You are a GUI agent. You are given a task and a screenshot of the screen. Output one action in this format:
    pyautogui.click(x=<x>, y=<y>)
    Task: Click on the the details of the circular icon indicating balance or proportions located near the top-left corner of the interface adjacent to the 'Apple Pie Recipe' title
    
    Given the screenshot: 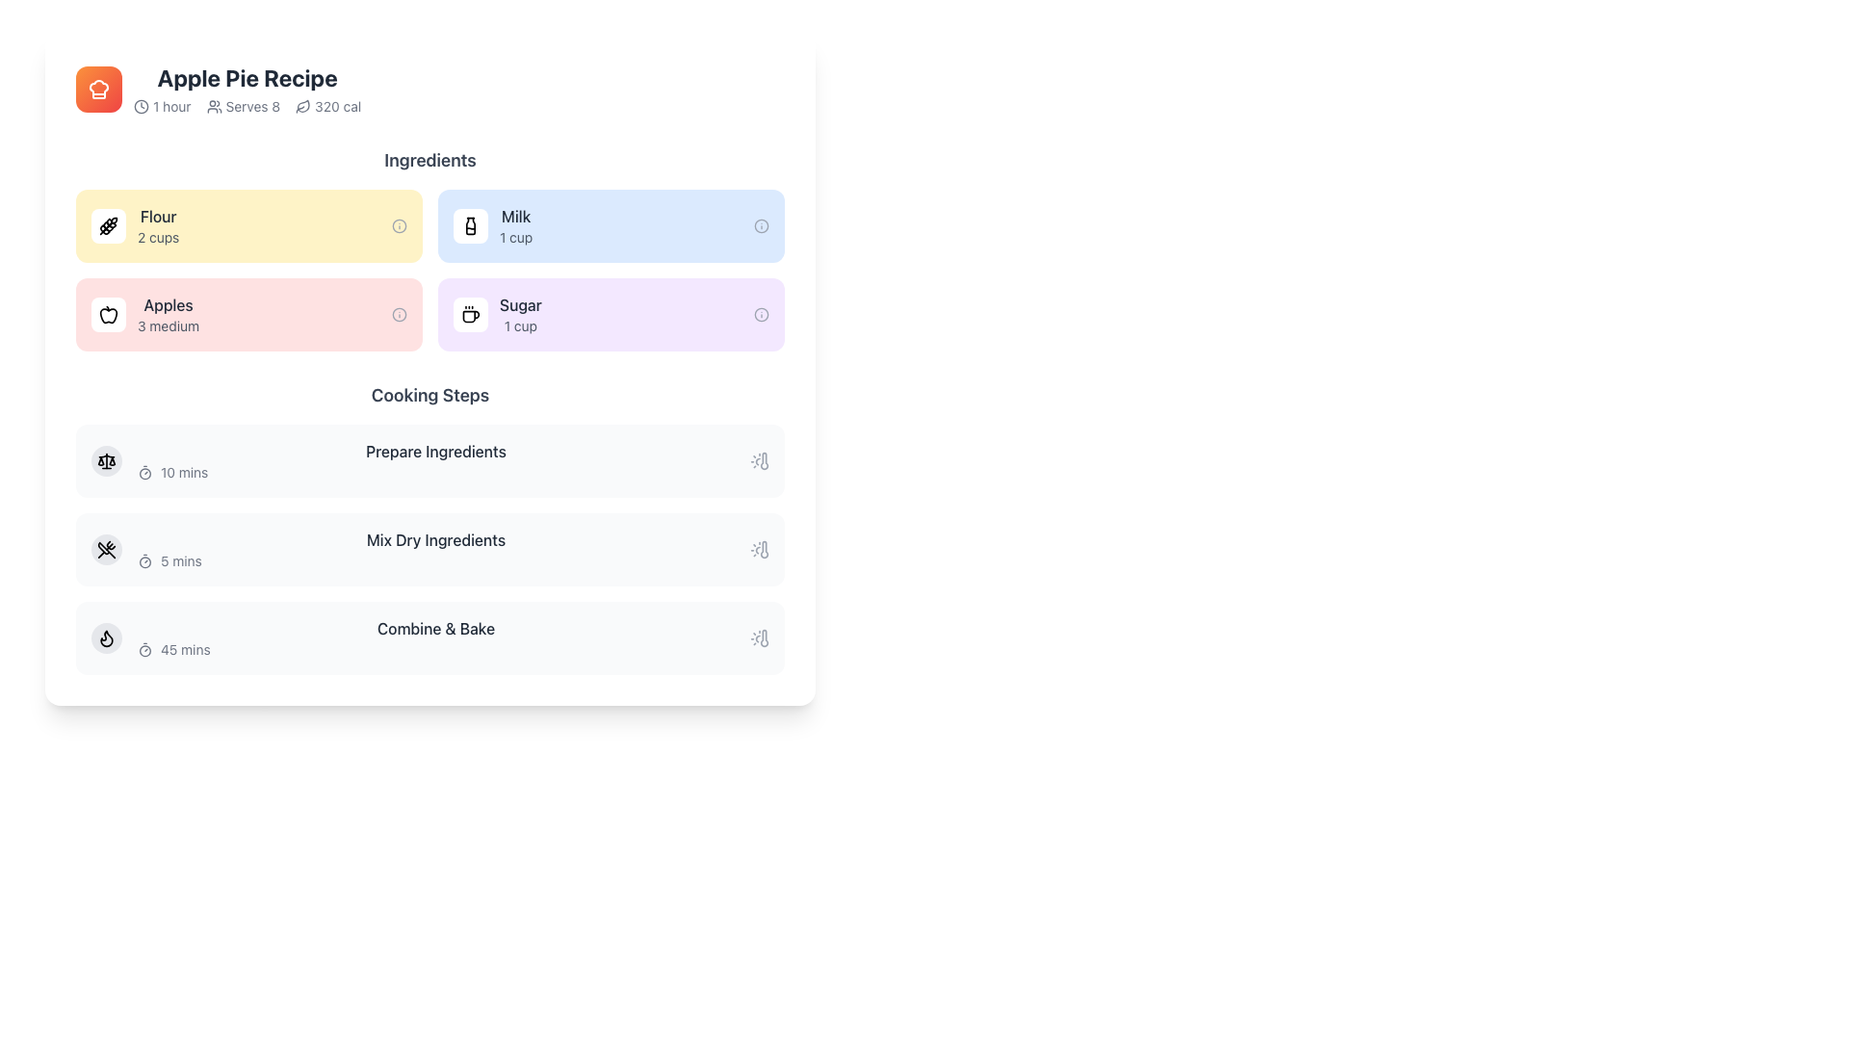 What is the action you would take?
    pyautogui.click(x=105, y=460)
    